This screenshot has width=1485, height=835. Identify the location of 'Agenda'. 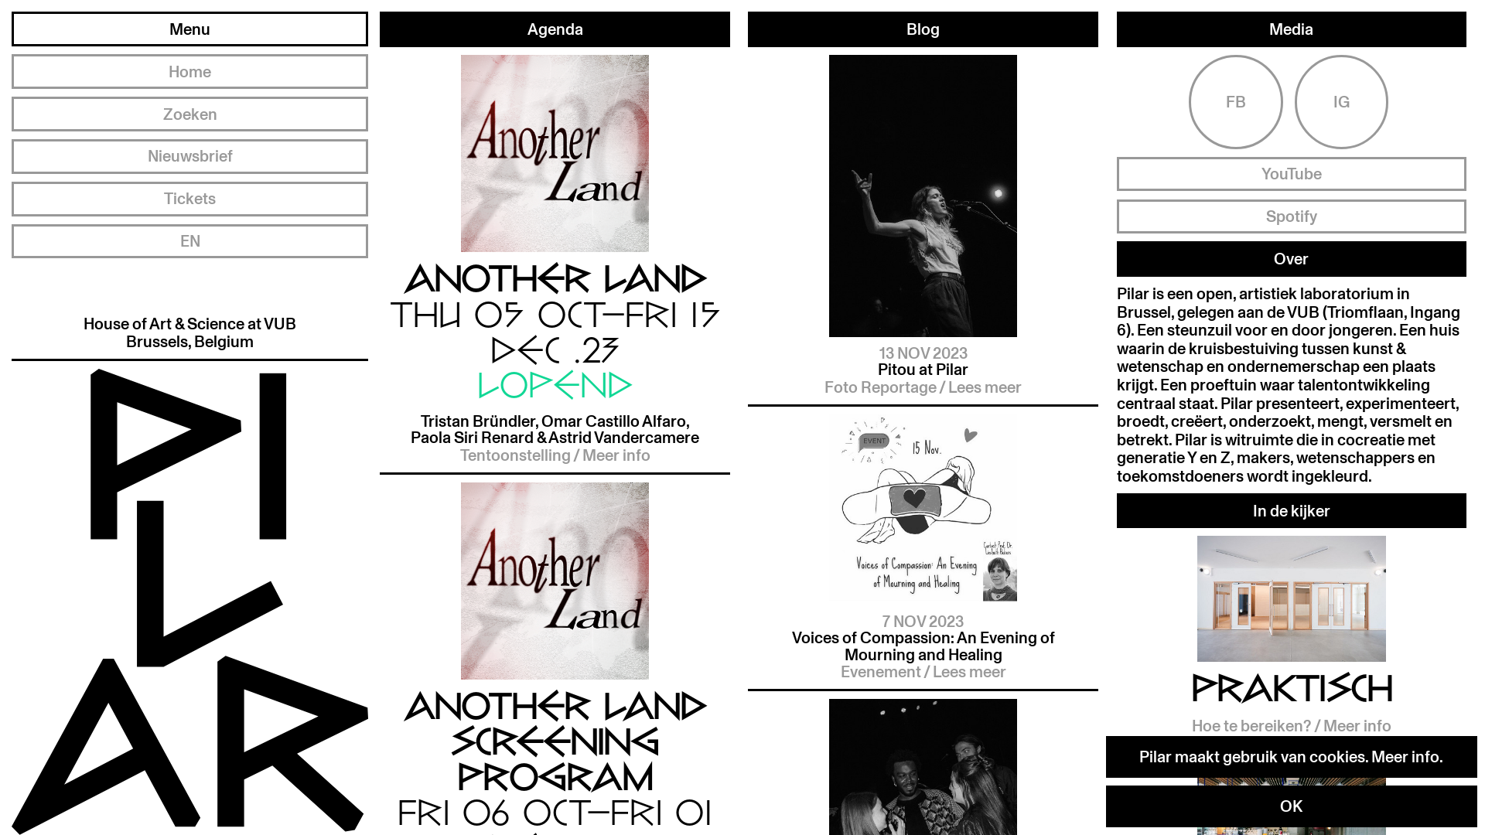
(555, 29).